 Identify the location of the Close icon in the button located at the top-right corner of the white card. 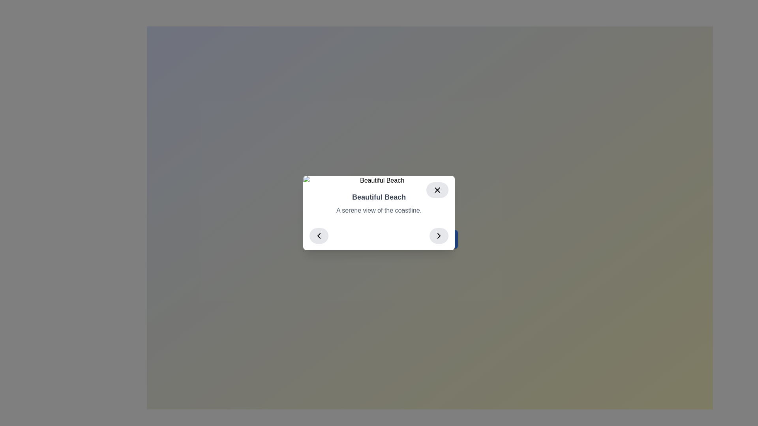
(437, 190).